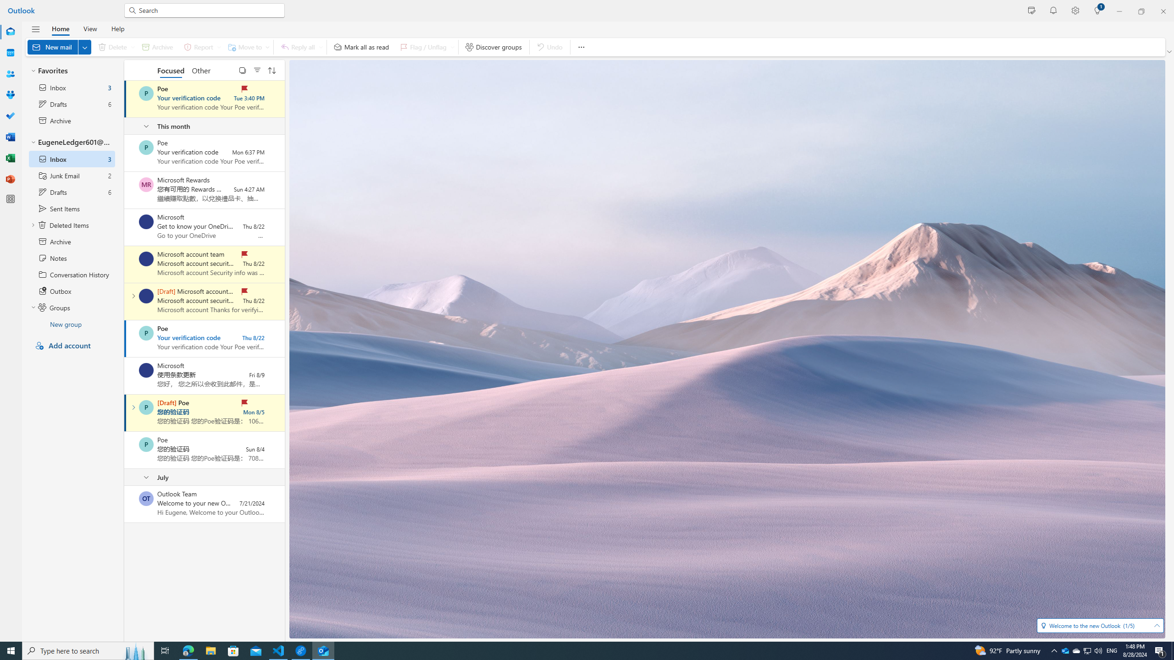 The image size is (1174, 660). I want to click on 'Calendar', so click(11, 52).